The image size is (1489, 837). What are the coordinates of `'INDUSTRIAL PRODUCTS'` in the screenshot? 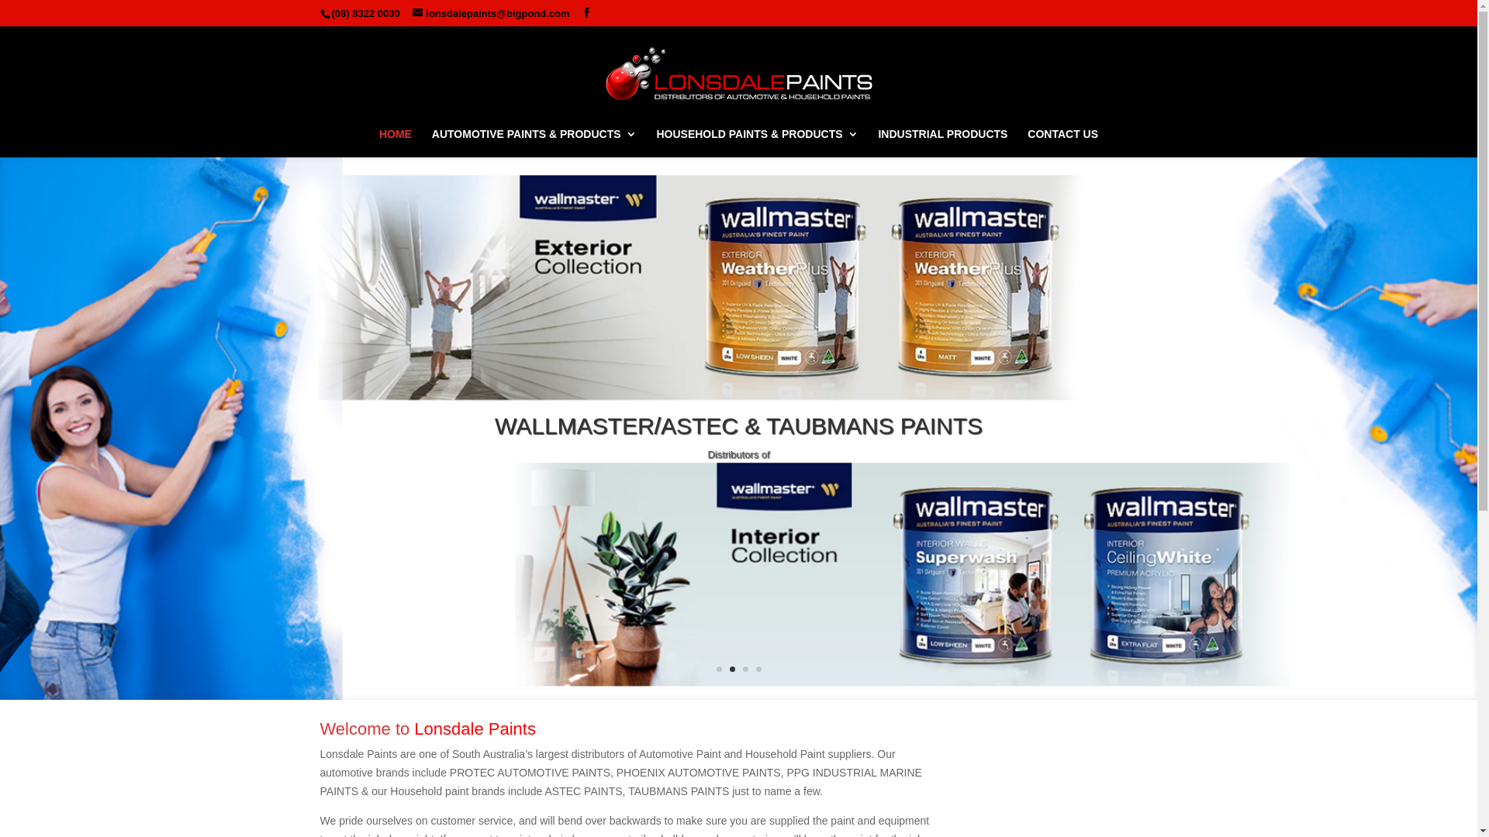 It's located at (941, 143).